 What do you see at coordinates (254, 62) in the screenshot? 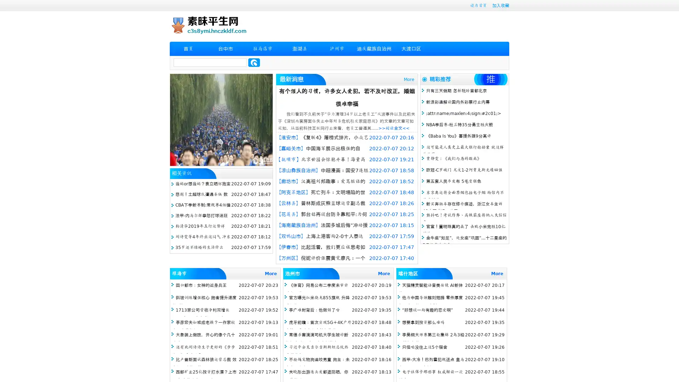
I see `Search` at bounding box center [254, 62].